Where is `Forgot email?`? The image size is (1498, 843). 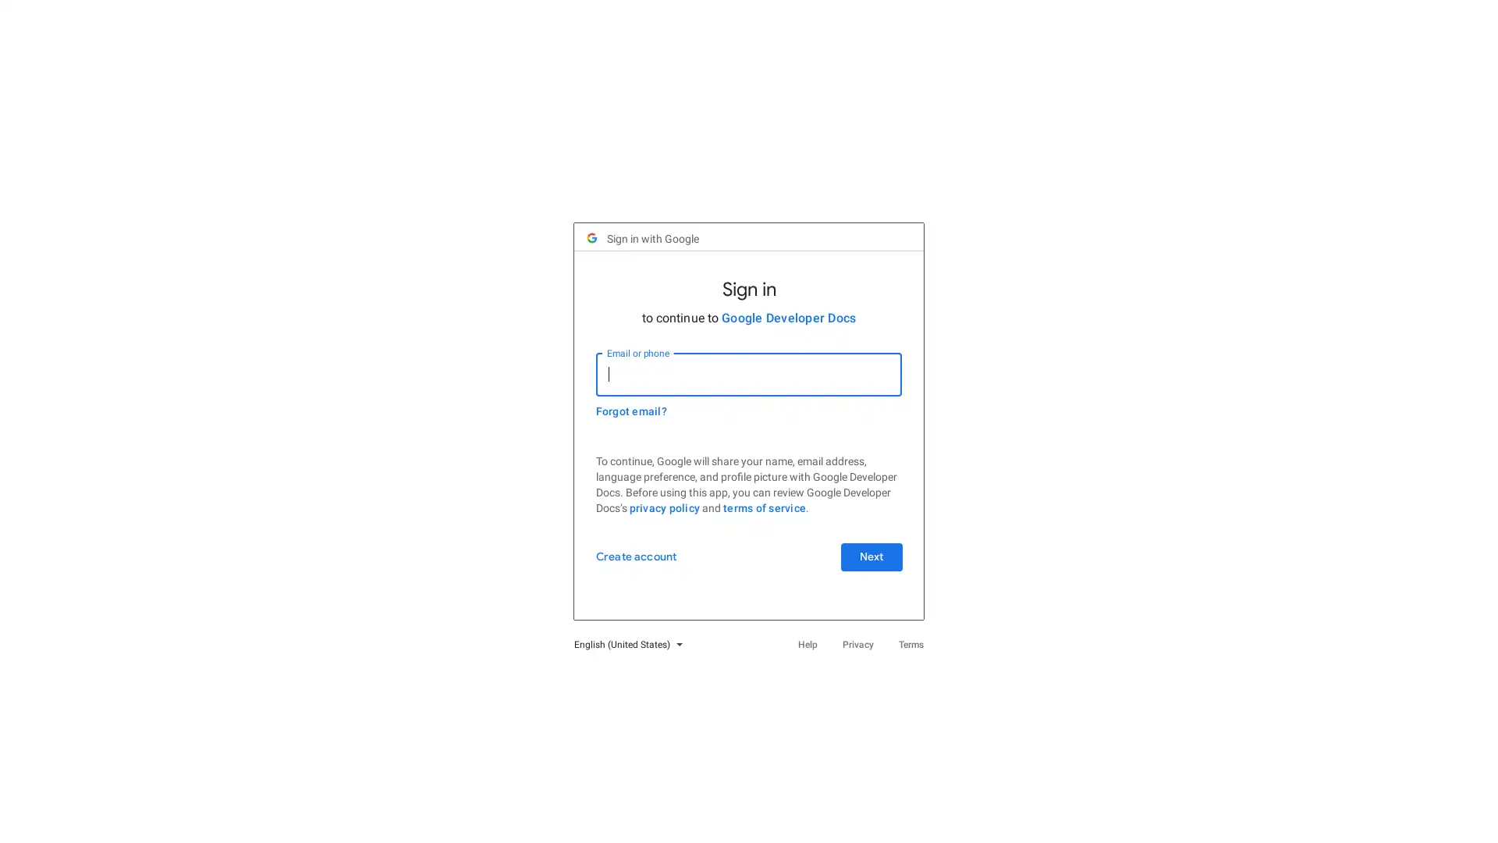
Forgot email? is located at coordinates (641, 409).